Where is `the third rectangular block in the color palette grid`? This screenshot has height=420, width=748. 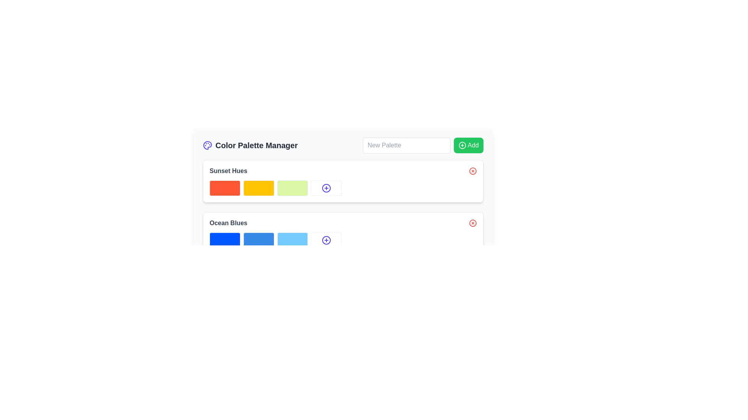
the third rectangular block in the color palette grid is located at coordinates (292, 188).